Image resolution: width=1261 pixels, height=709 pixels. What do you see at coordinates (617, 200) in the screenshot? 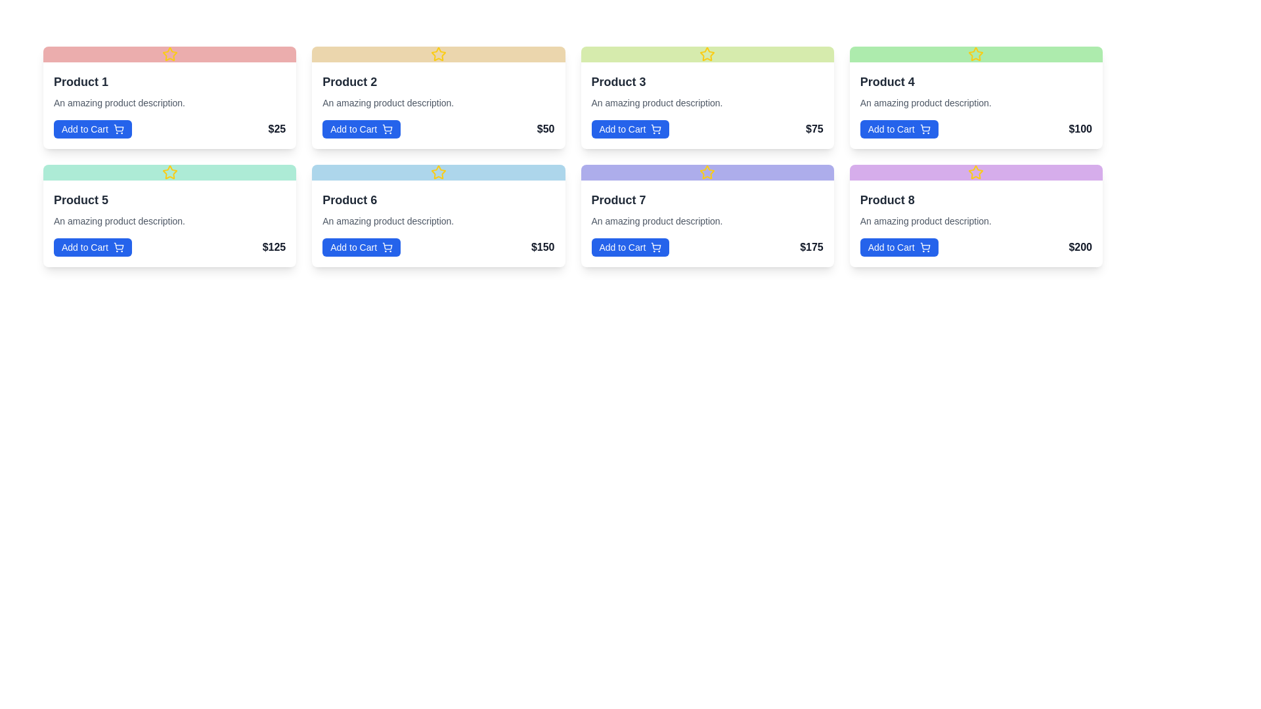
I see `the static text label displaying 'Product 7', which is styled with a bold font and dark gray color, located in the top-left area of the card for 'Product 7'` at bounding box center [617, 200].